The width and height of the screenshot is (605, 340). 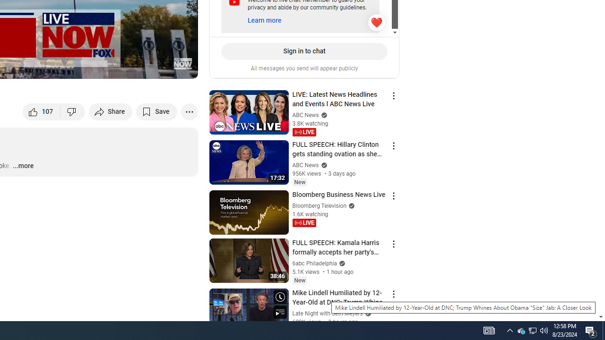 I want to click on 'Full screen (f)', so click(x=181, y=67).